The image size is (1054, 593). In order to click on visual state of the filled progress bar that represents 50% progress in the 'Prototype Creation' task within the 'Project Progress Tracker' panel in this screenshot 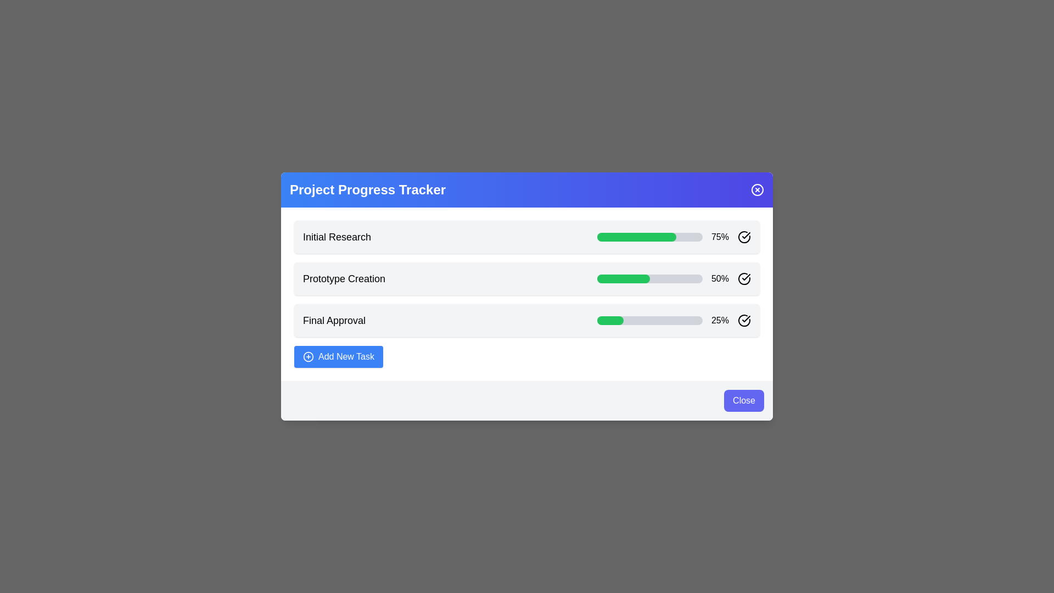, I will do `click(624, 278)`.